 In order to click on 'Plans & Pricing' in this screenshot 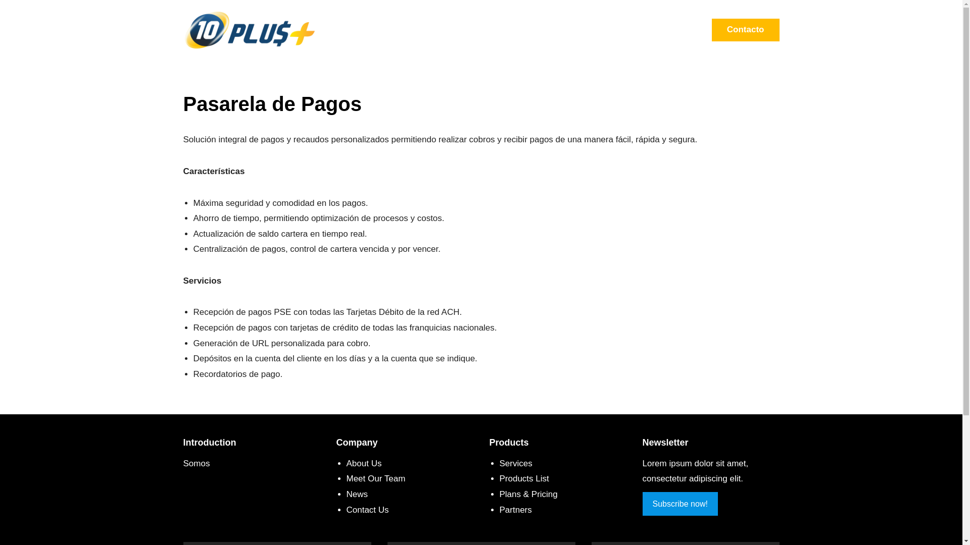, I will do `click(527, 494)`.